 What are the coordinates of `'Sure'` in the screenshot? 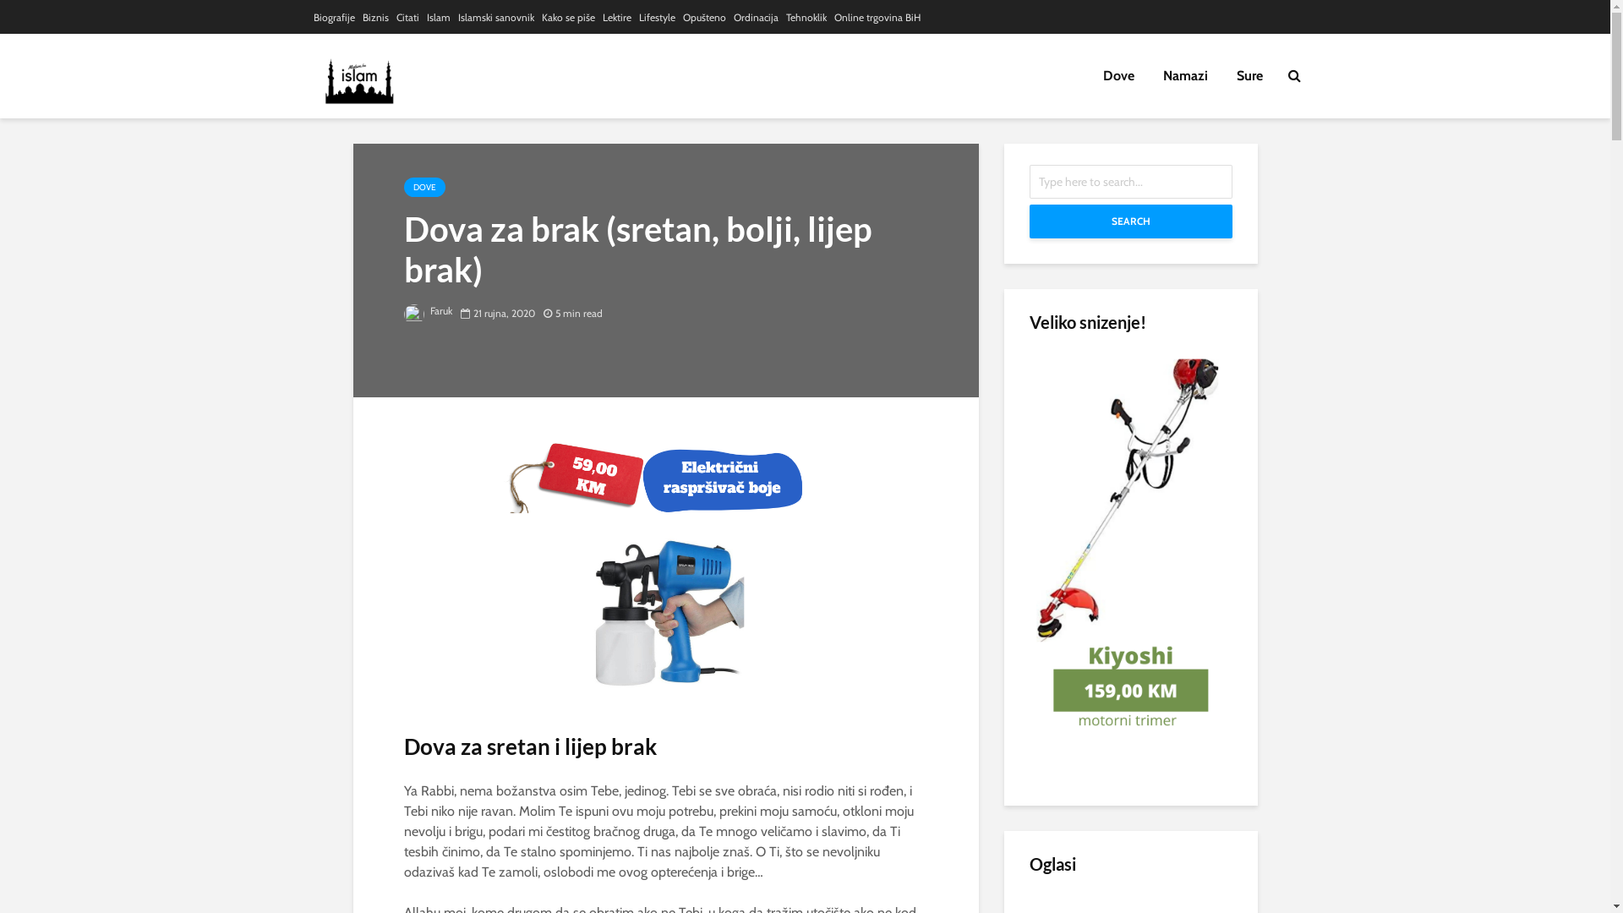 It's located at (1249, 74).